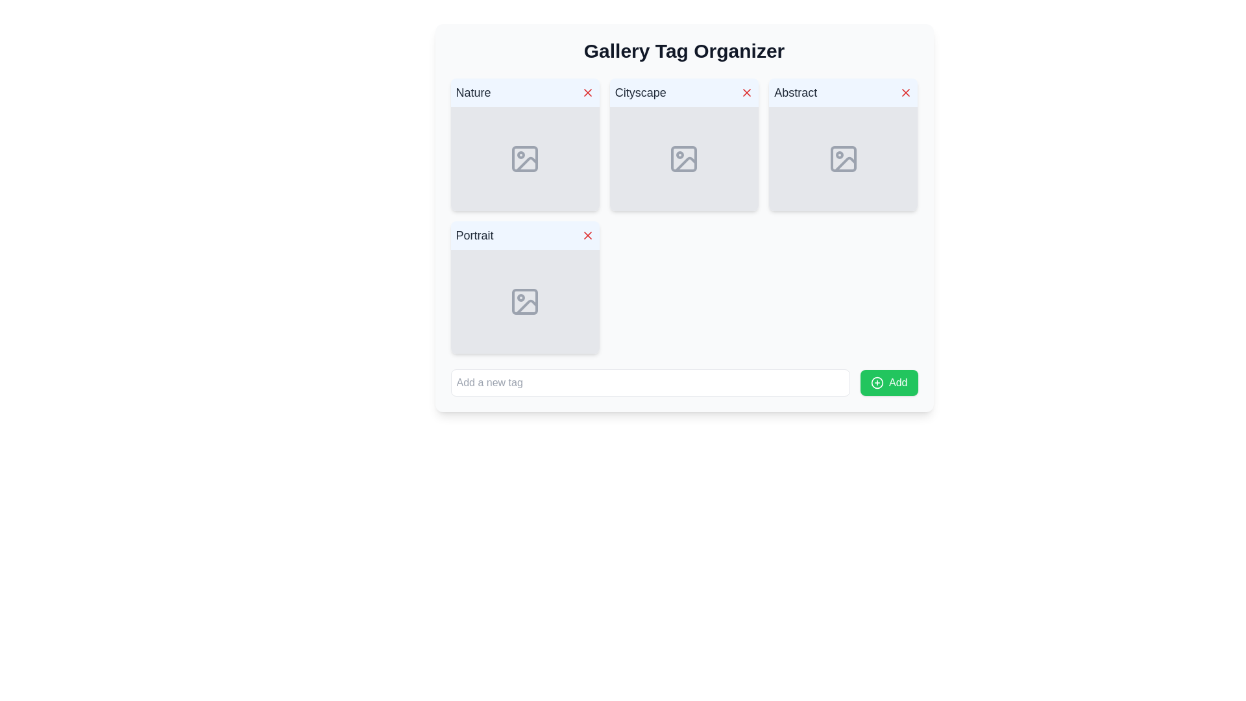 The image size is (1246, 701). What do you see at coordinates (587, 92) in the screenshot?
I see `the small red 'X' icon button within the grey 'Nature' tag located in the top-left corner of the grid layout to possibly reveal a tooltip` at bounding box center [587, 92].